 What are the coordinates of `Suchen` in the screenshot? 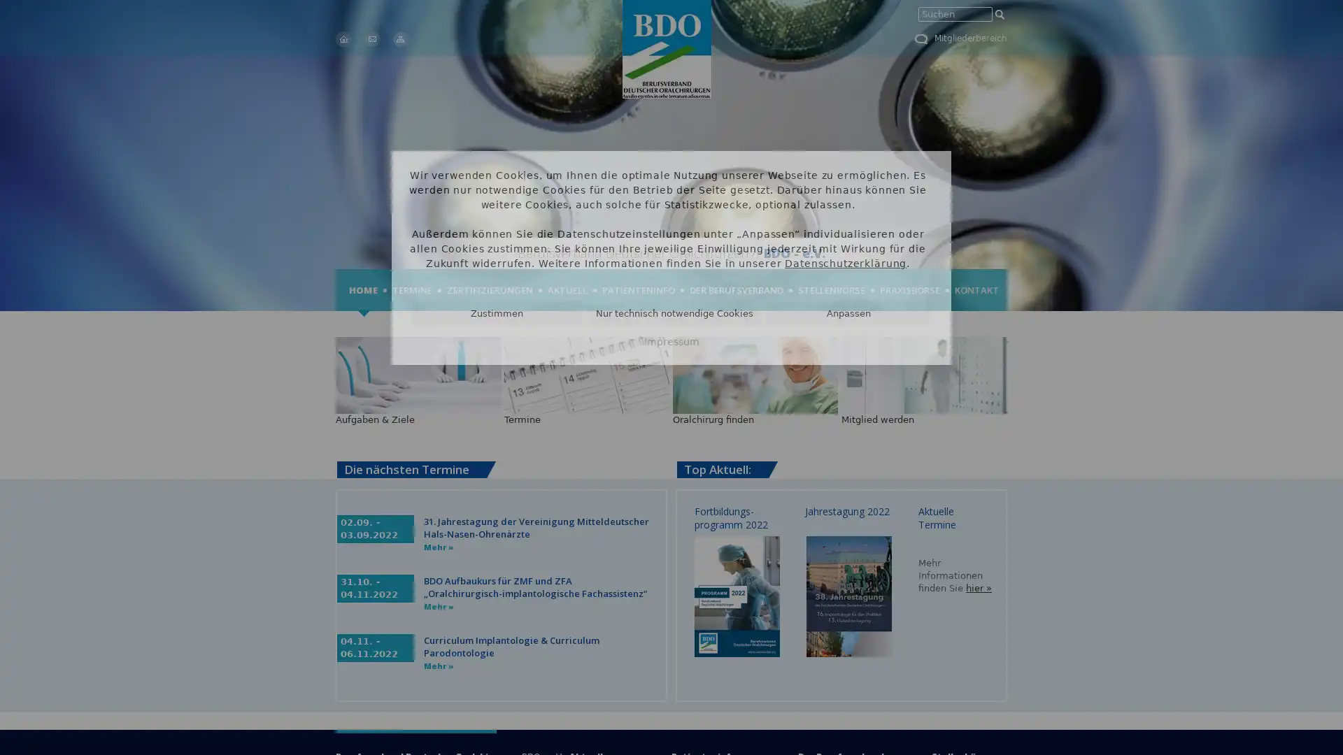 It's located at (999, 14).